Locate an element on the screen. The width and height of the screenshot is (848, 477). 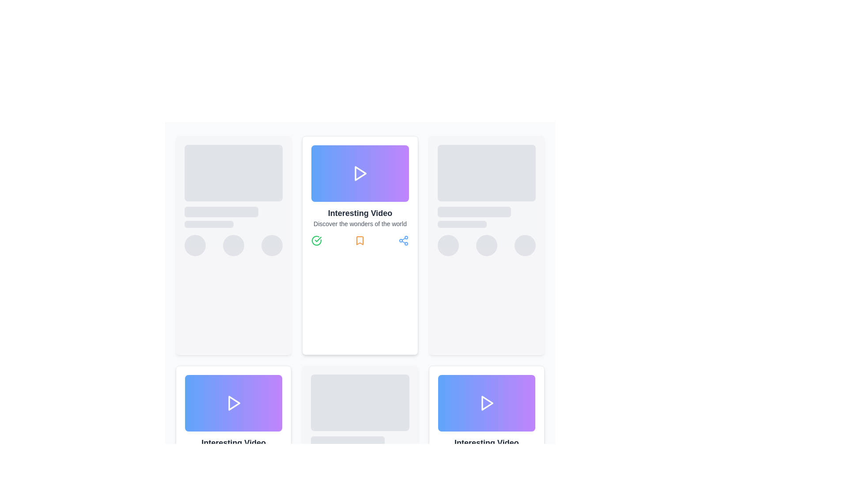
the text display element titled 'Interesting Video' which features a bold, large-sized black title and a smaller gray subtitle, located at the bottom center of a card in a three-column grid layout is located at coordinates (486, 447).